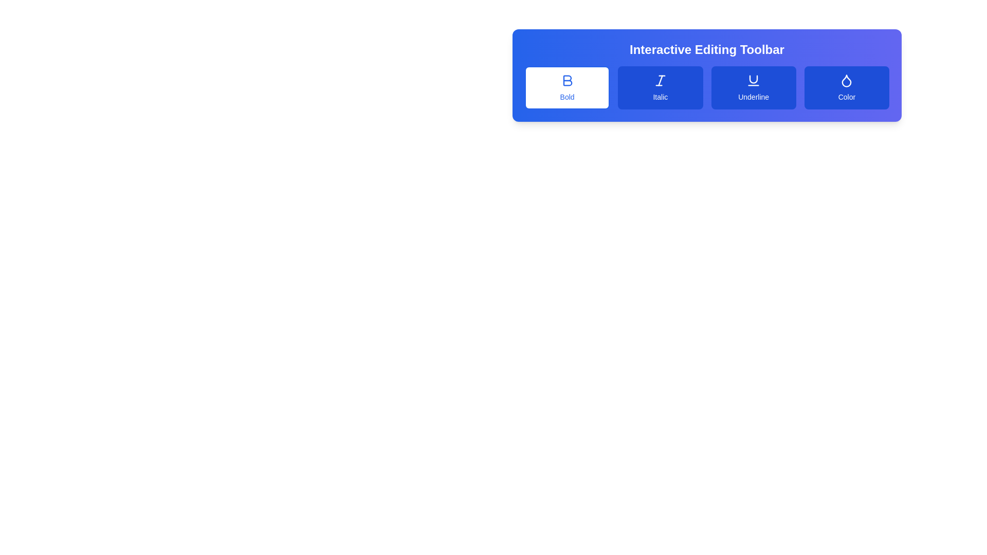  What do you see at coordinates (754, 80) in the screenshot?
I see `the underline icon in the 'Interactive Editing Toolbar', which is styled with thin white lines on a blue background, to emphasize text with an underscore` at bounding box center [754, 80].